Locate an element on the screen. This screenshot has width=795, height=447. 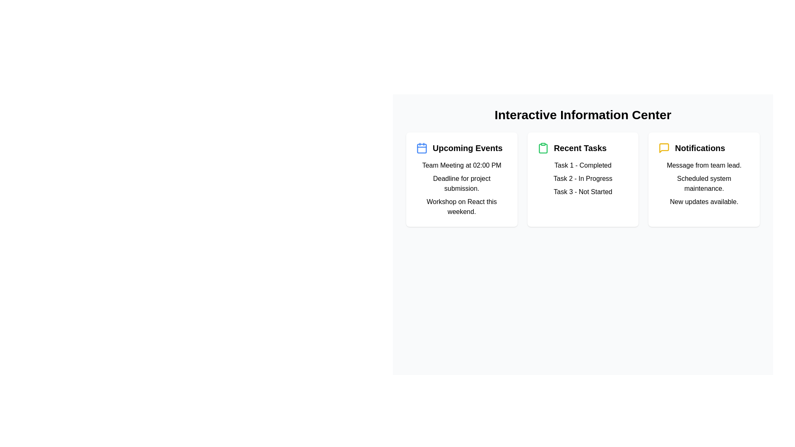
the text label that informs users about the upcoming project submission deadline, positioned as the second entry in the 'Upcoming Events' card, between 'Team Meeting at 02:00 PM' and 'Workshop on React this weekend.' is located at coordinates (461, 183).